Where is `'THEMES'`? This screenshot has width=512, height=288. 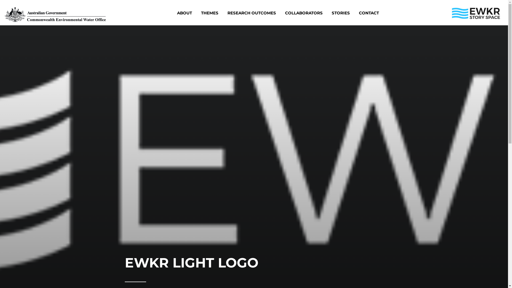
'THEMES' is located at coordinates (209, 13).